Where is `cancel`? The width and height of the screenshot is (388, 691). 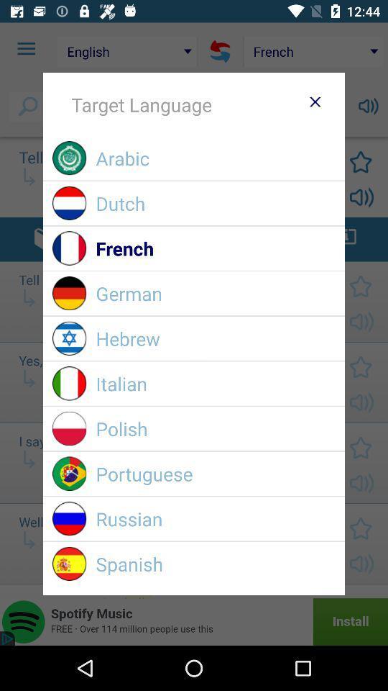
cancel is located at coordinates (314, 101).